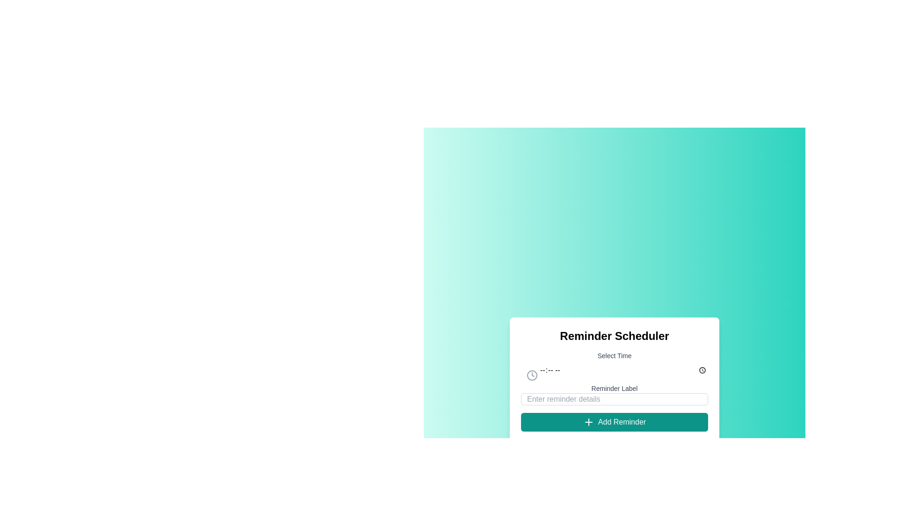  I want to click on the 'Reminder Label' text element which displays 'Reminder Label' in gray, located above the input field within the 'Reminder Scheduler' section, so click(615, 388).